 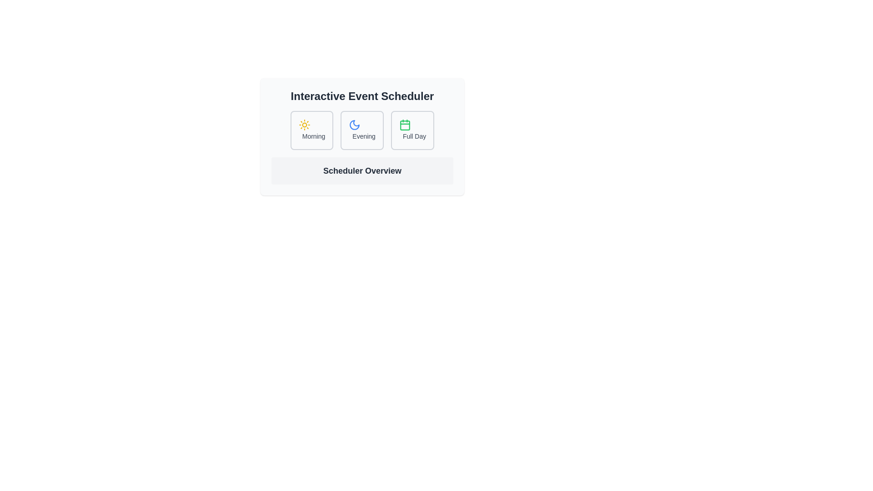 What do you see at coordinates (312, 130) in the screenshot?
I see `the 'Morning' button, which is a rounded rectangular button with a yellow sun icon and text below it, to activate its hover animations` at bounding box center [312, 130].